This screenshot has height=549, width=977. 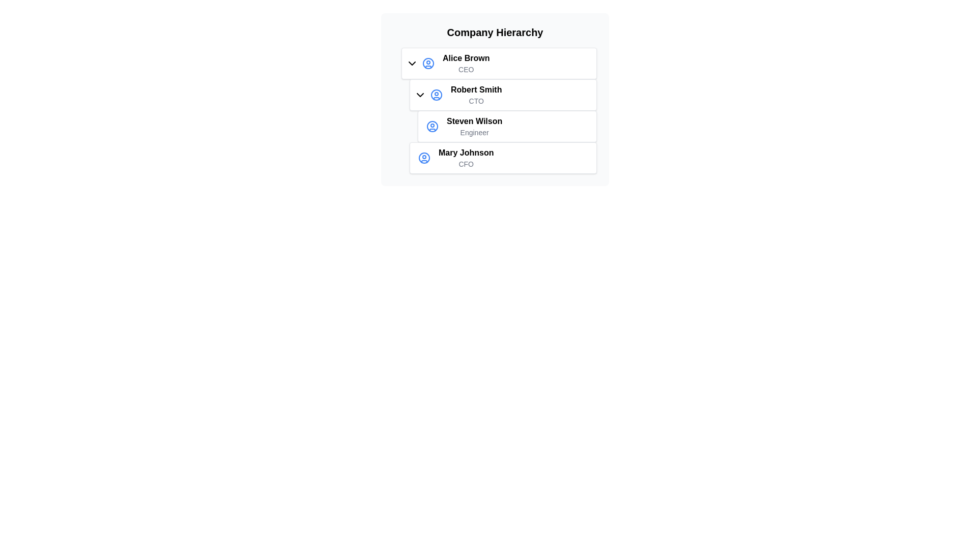 I want to click on text label 'Company Hierarchy' which is a bold text element located at the top of the company hierarchy module, so click(x=495, y=32).